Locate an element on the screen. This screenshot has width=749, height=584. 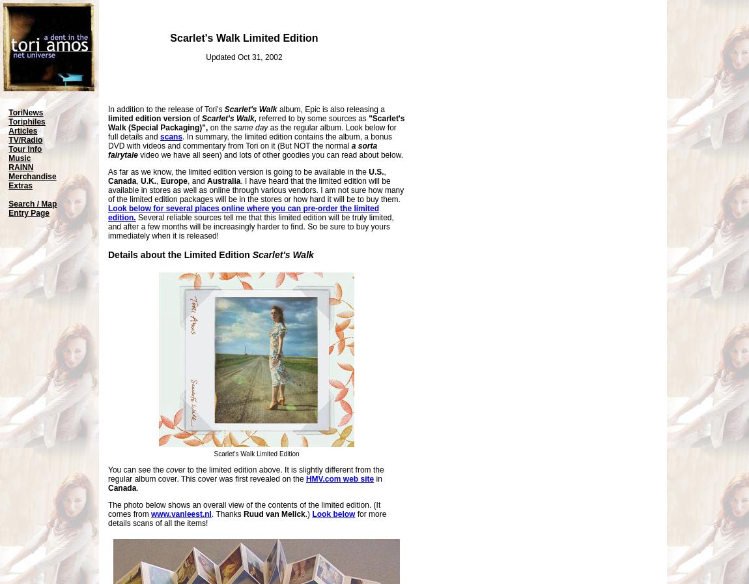
'RAINN' is located at coordinates (7, 167).